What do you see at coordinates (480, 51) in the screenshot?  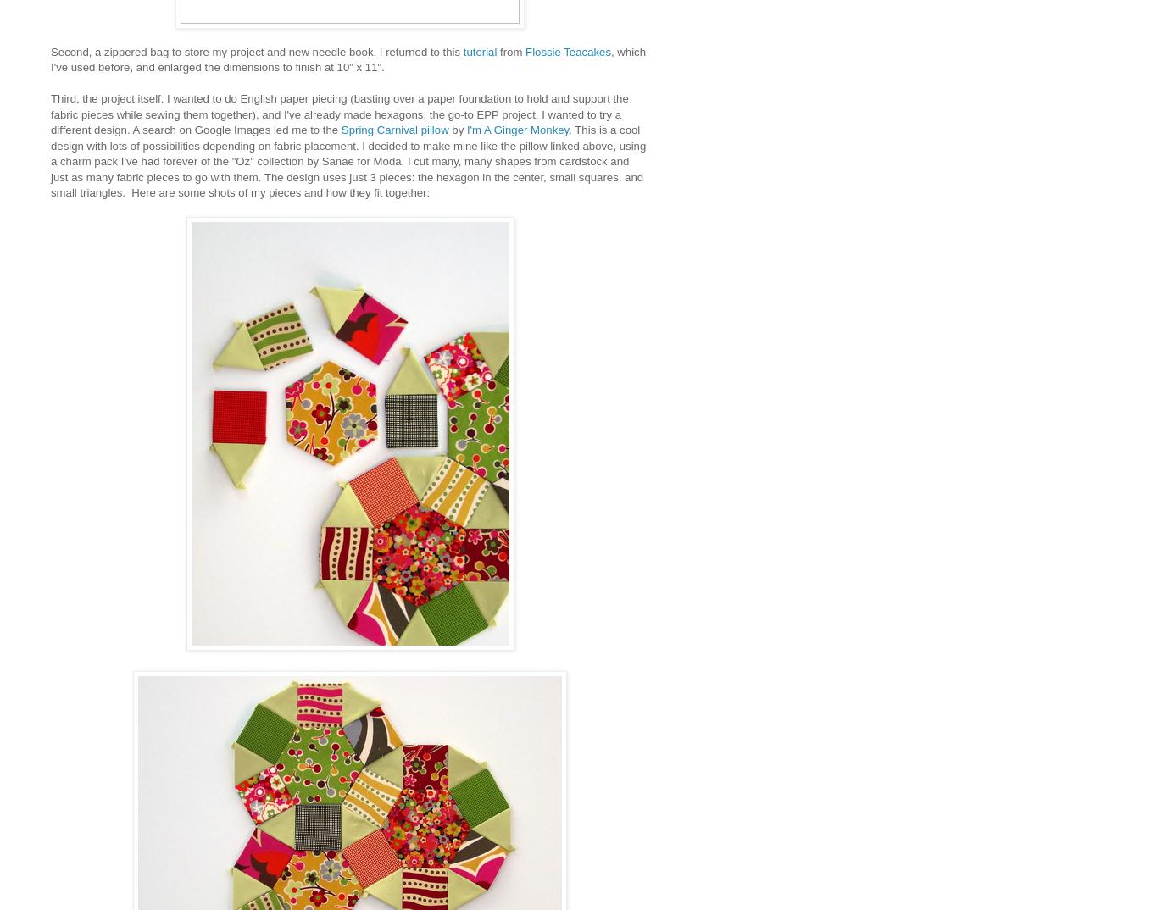 I see `'tutorial'` at bounding box center [480, 51].